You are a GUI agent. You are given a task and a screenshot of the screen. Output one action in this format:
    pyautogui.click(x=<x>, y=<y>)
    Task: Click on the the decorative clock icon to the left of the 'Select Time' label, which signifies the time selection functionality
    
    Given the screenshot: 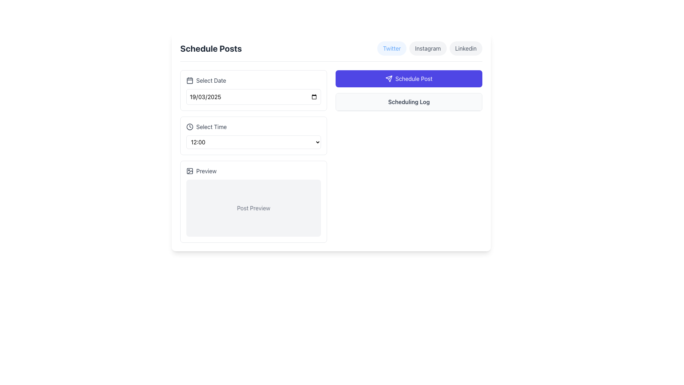 What is the action you would take?
    pyautogui.click(x=190, y=126)
    